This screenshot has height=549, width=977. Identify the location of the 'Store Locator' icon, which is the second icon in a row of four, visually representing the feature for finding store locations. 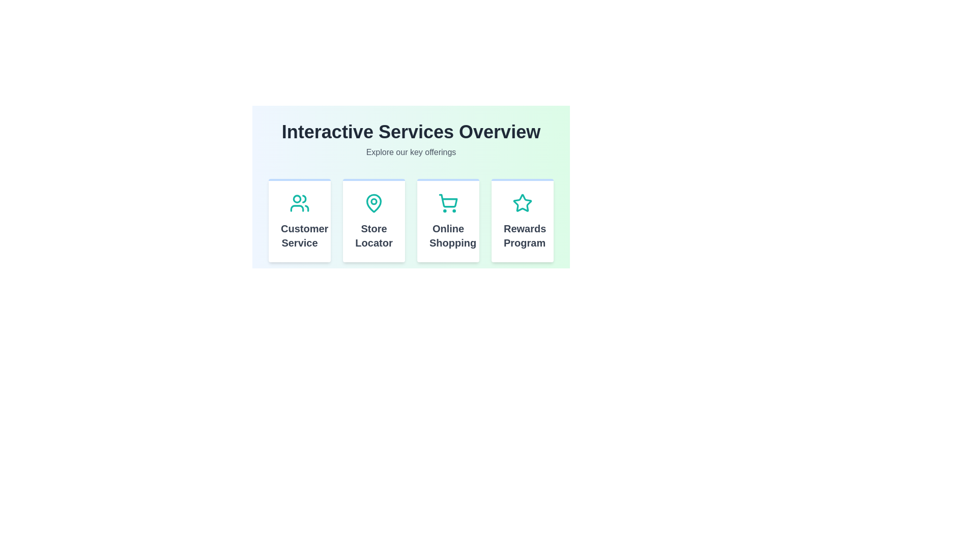
(373, 203).